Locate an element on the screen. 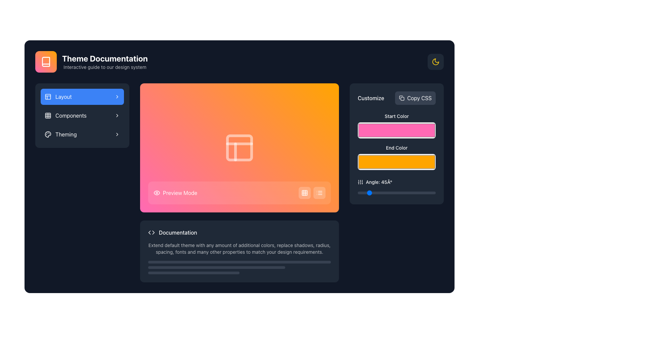 Image resolution: width=645 pixels, height=363 pixels. the pink color picker located directly beneath the 'Start Color' label is located at coordinates (396, 126).